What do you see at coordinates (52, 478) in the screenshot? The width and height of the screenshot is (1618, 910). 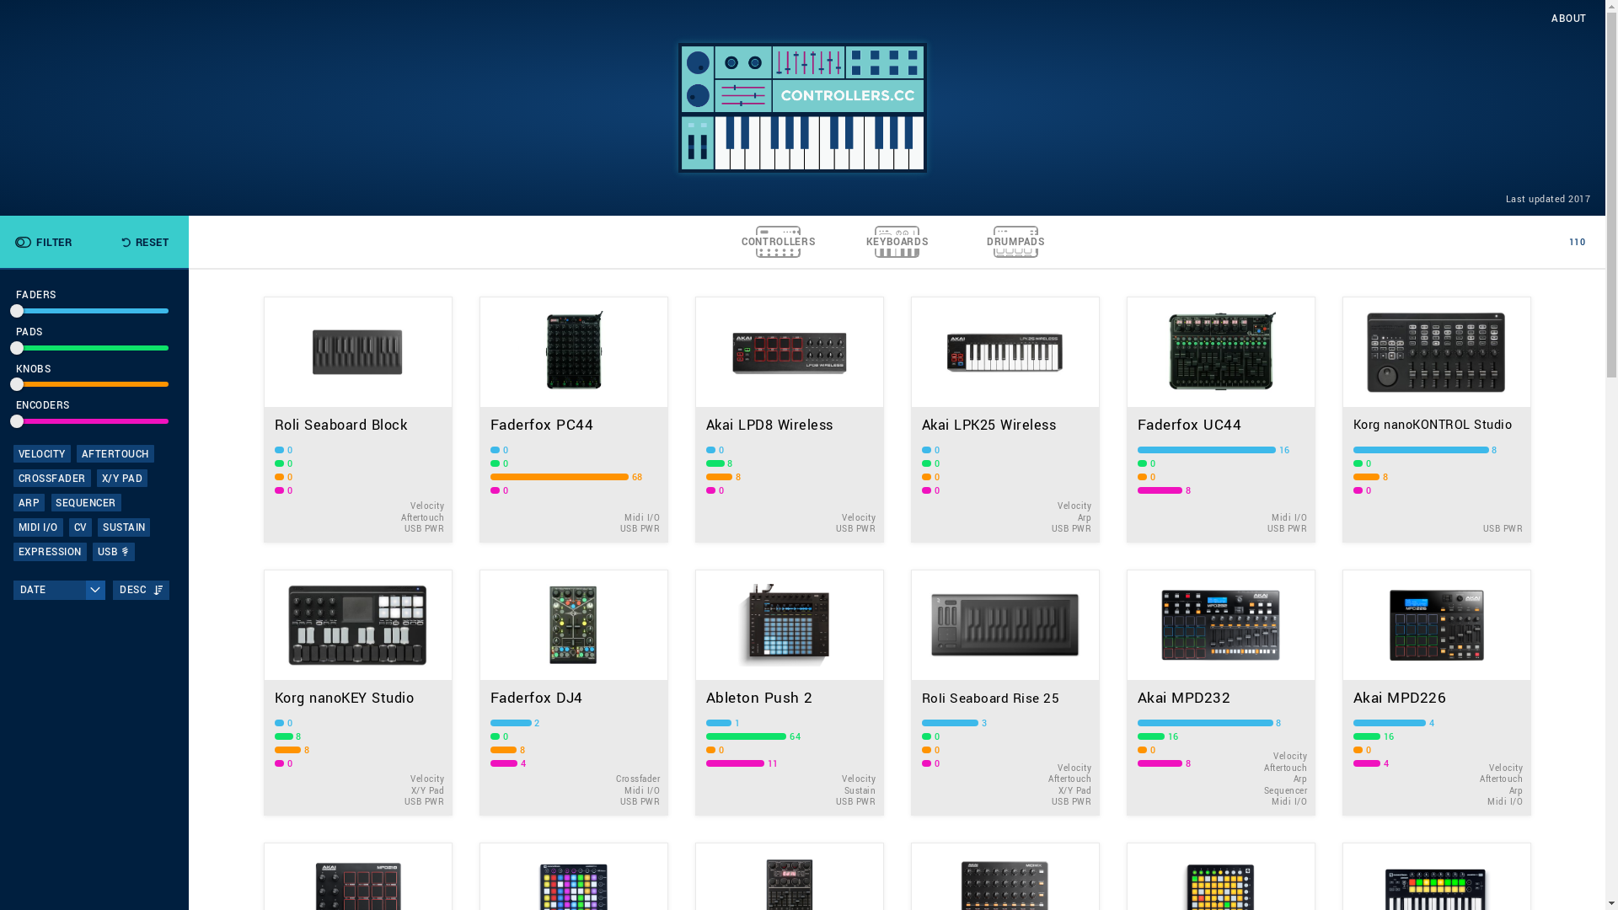 I see `'CROSSFADER'` at bounding box center [52, 478].